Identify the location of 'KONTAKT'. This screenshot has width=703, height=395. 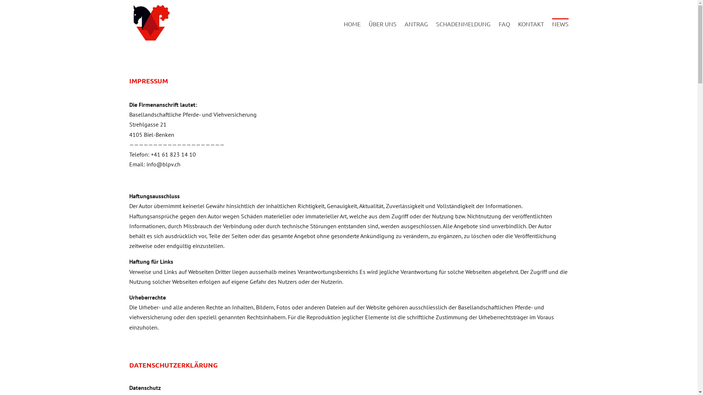
(531, 32).